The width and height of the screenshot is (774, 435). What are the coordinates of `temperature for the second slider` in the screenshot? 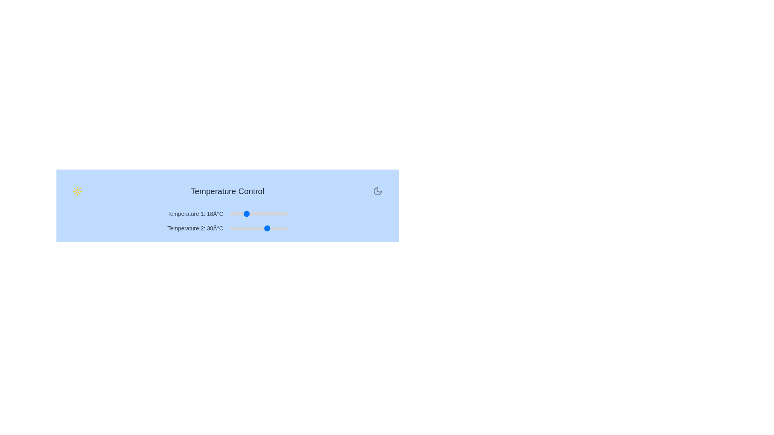 It's located at (282, 228).